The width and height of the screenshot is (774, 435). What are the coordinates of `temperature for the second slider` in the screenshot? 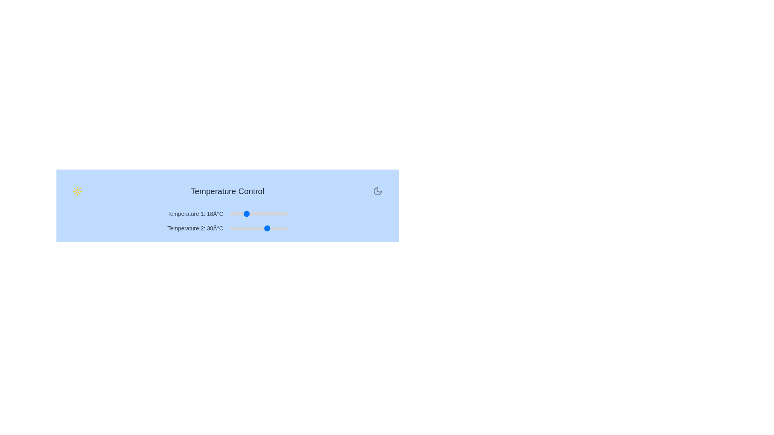 It's located at (282, 228).